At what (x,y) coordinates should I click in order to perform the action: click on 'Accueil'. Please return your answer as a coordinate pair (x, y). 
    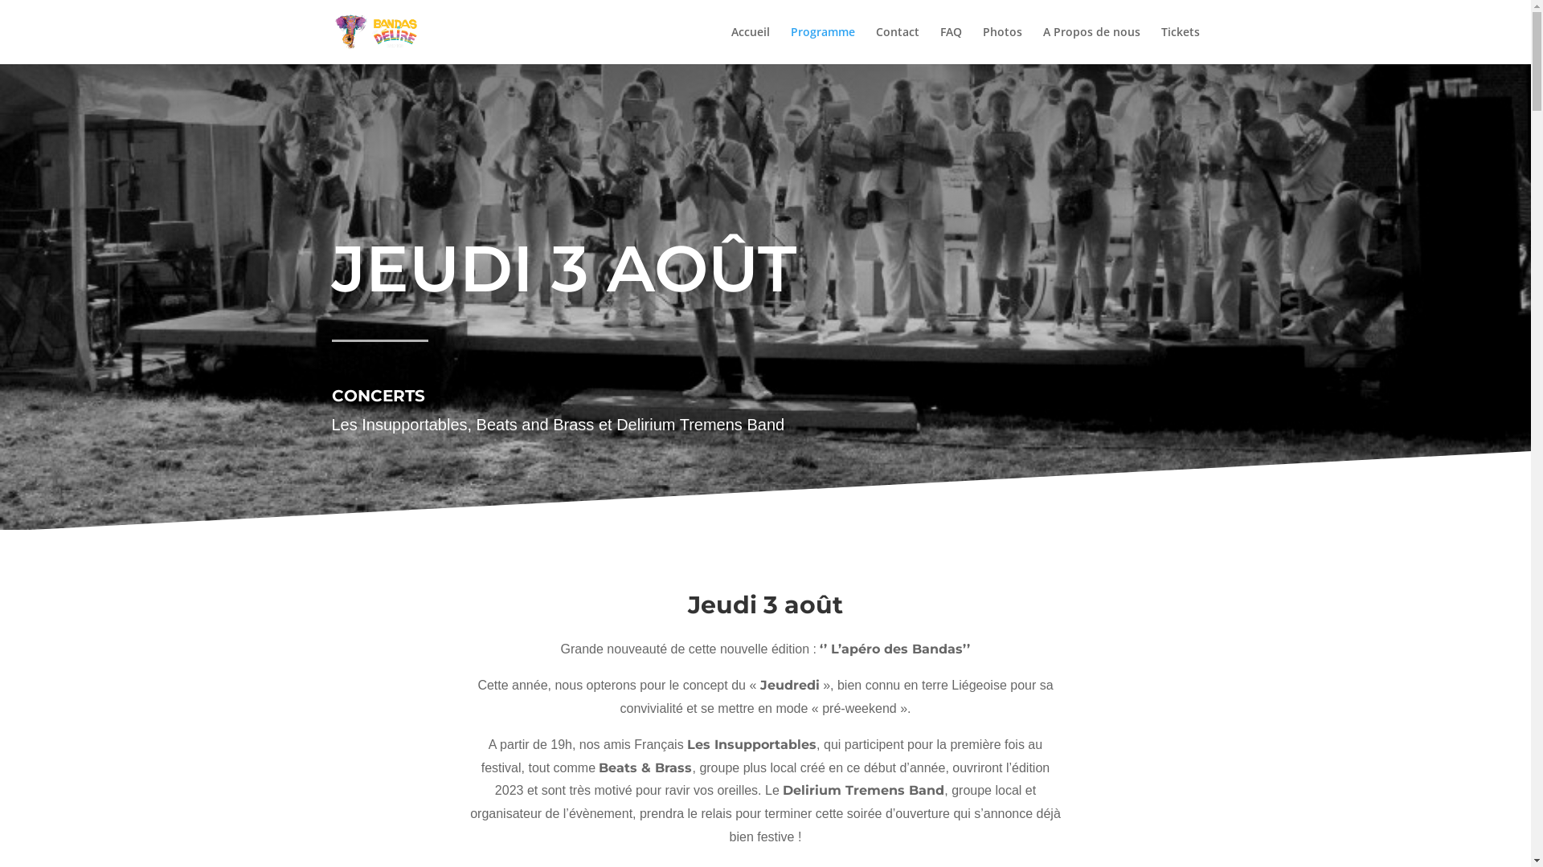
    Looking at the image, I should click on (750, 44).